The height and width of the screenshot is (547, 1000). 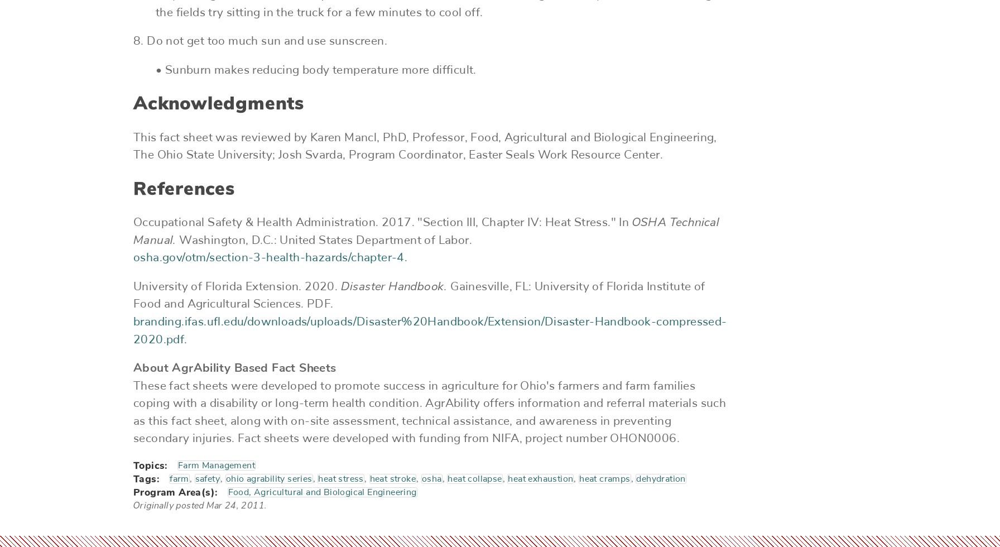 What do you see at coordinates (270, 257) in the screenshot?
I see `'osha.gov/otm/section-3-health-hazards/chapter-4.'` at bounding box center [270, 257].